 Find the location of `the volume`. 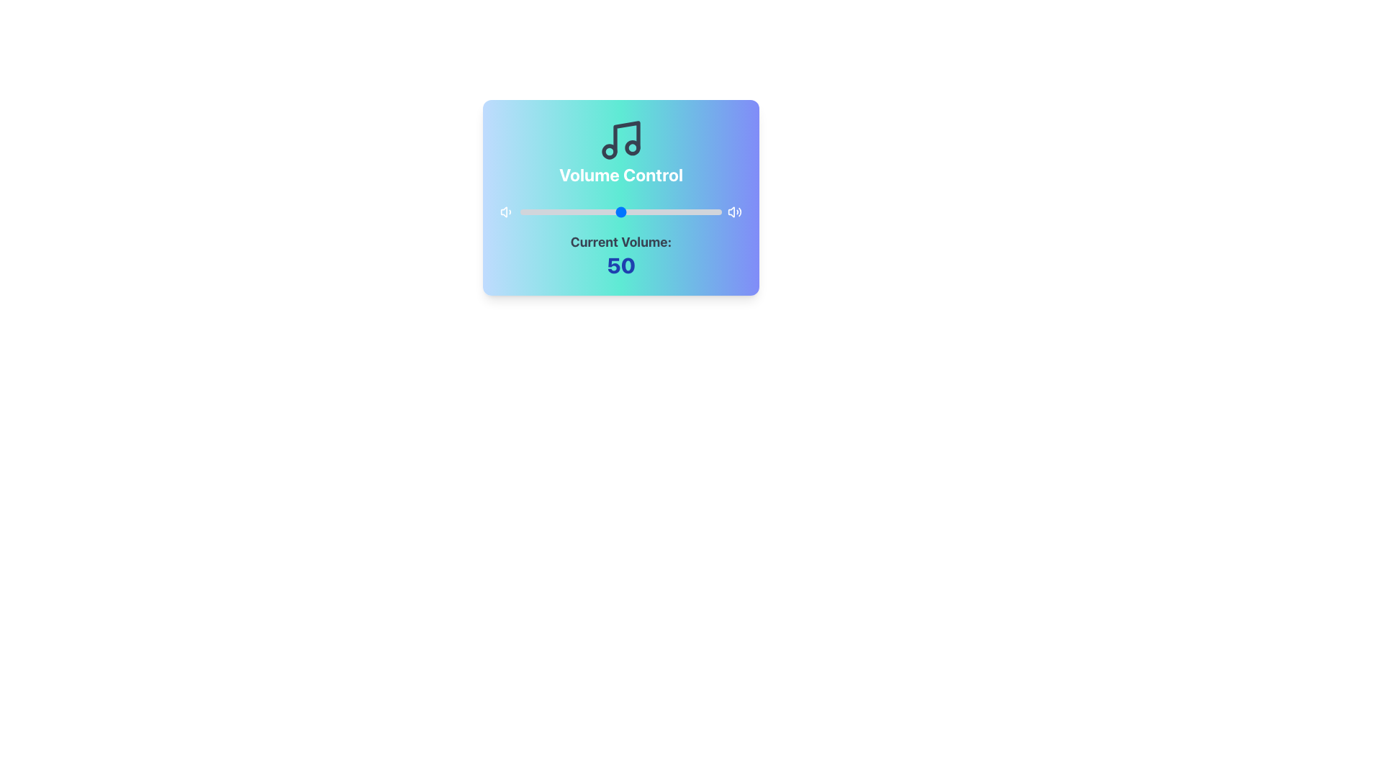

the volume is located at coordinates (623, 212).